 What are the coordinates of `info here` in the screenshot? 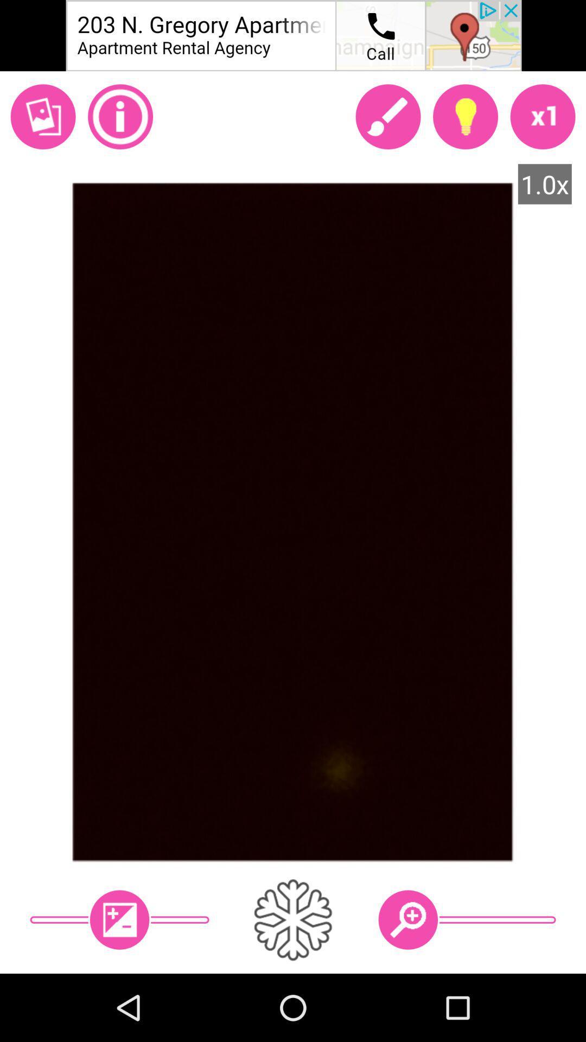 It's located at (120, 117).